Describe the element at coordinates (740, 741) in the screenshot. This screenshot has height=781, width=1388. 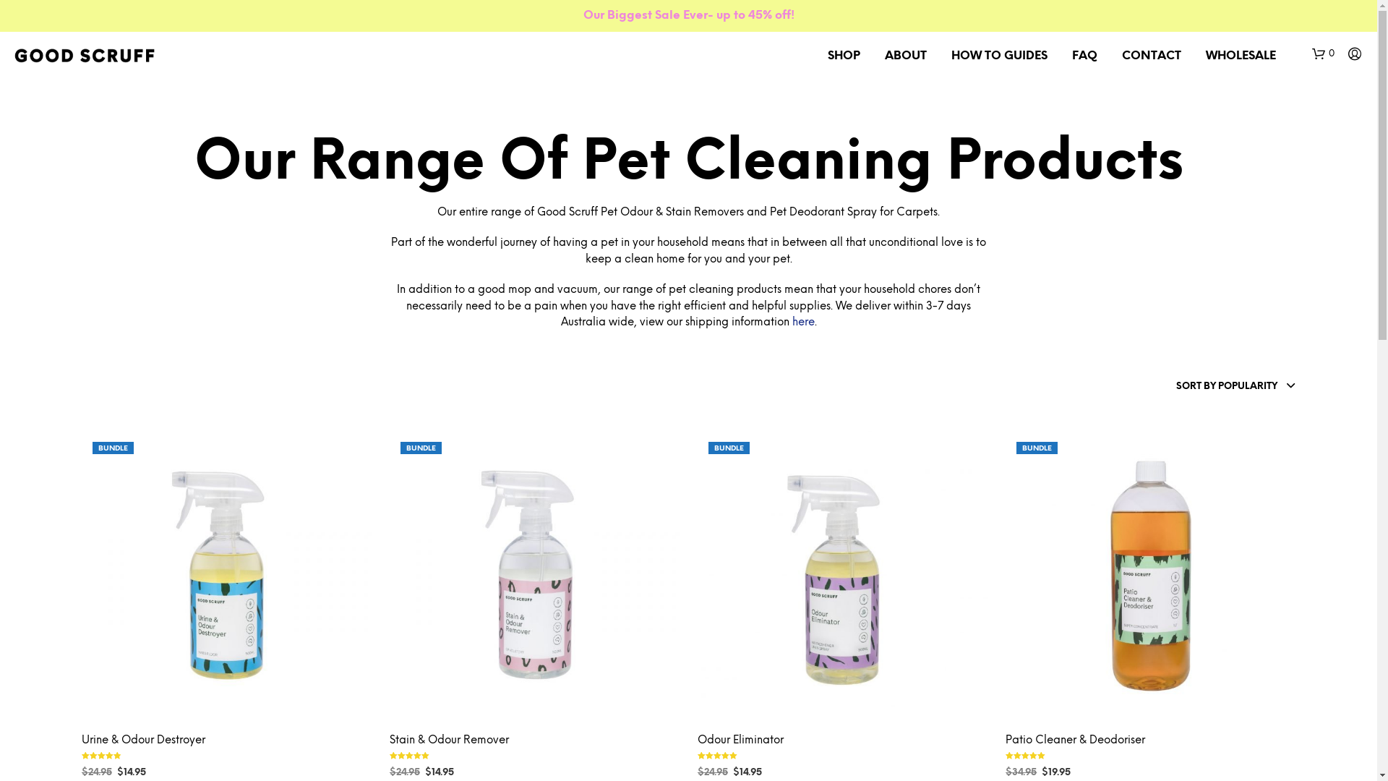
I see `'Odour Eliminator'` at that location.